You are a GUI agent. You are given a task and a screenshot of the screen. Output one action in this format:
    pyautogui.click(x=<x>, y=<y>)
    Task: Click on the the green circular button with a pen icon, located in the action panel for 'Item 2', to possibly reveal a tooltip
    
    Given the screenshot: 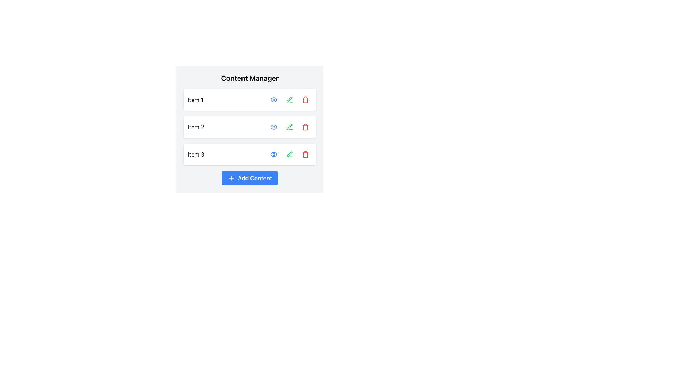 What is the action you would take?
    pyautogui.click(x=290, y=127)
    